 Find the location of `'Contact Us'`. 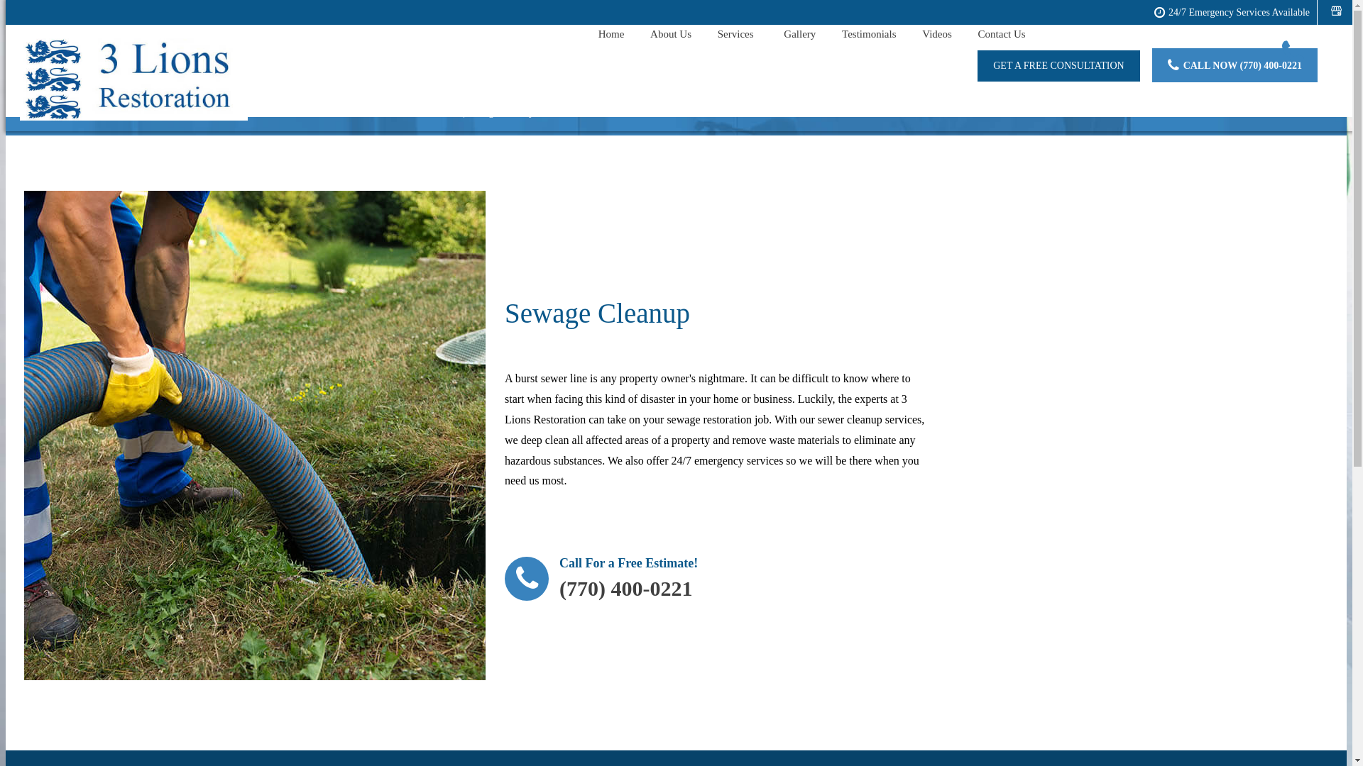

'Contact Us' is located at coordinates (1001, 34).